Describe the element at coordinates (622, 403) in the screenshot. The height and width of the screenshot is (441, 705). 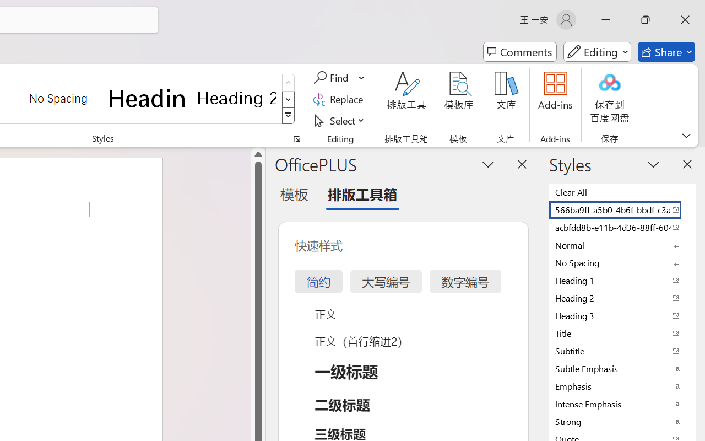
I see `'Intense Emphasis'` at that location.